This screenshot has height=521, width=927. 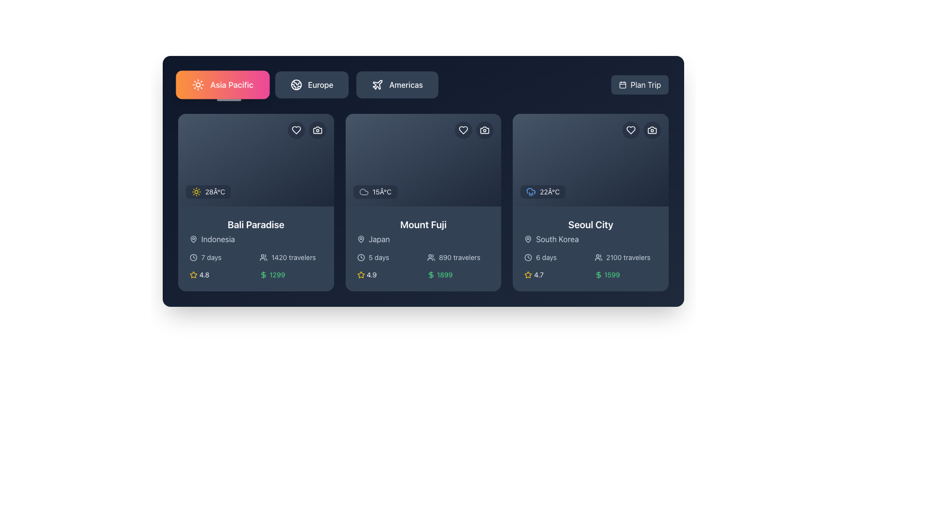 I want to click on the heart icon button with a white outline located in the top-right corner of the Bali Paradise card to observe the background color transition, so click(x=295, y=130).